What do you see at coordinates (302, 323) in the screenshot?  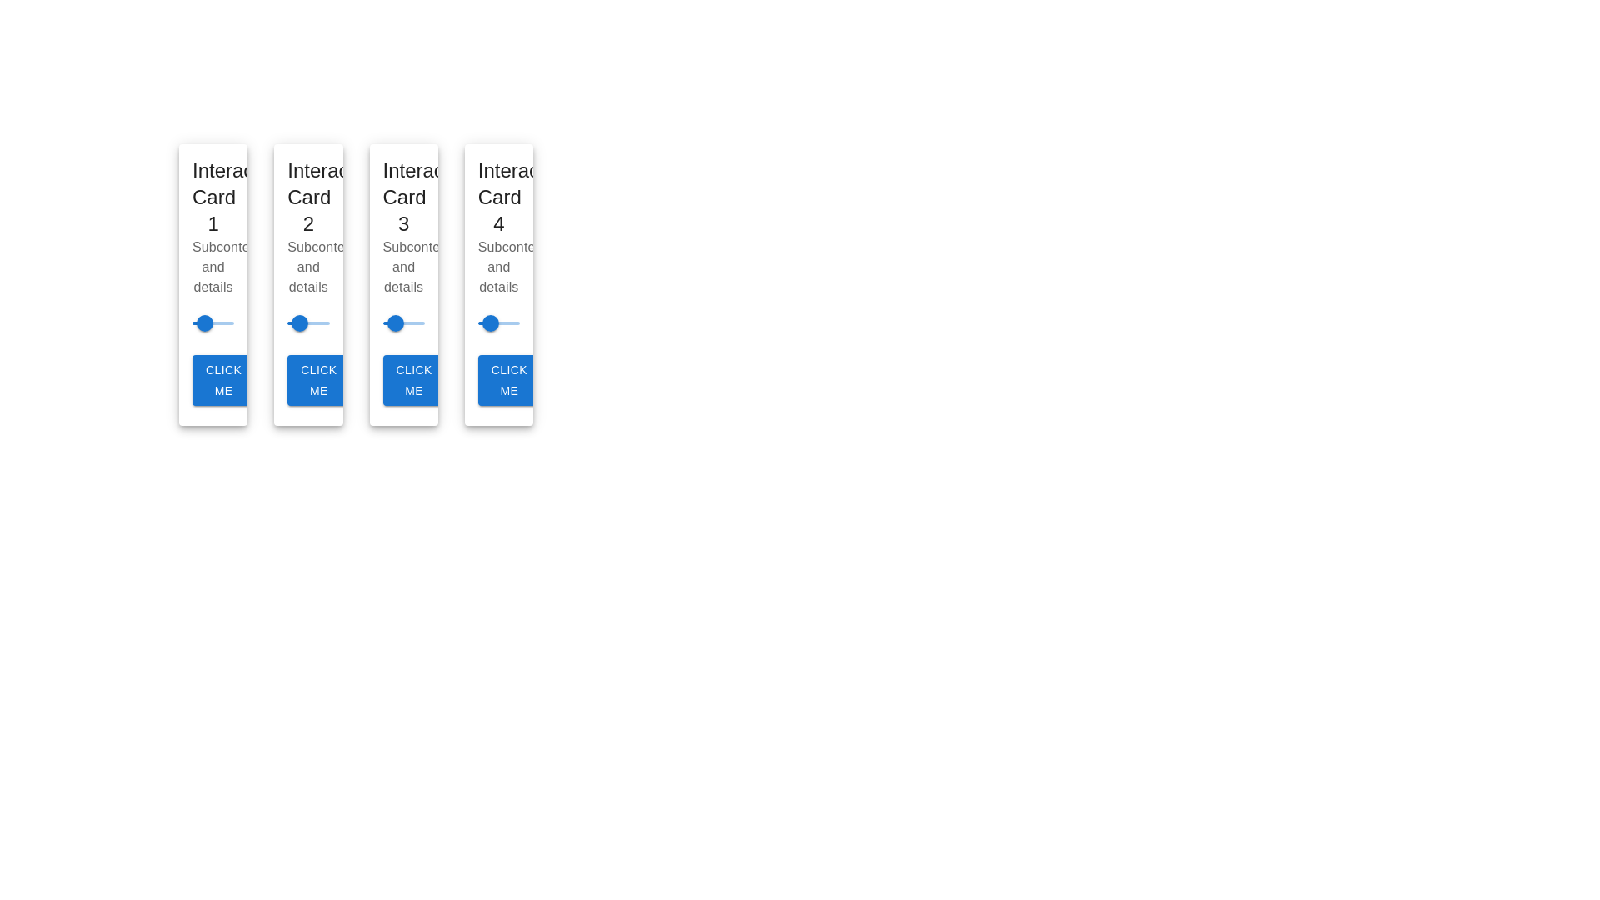 I see `the slider` at bounding box center [302, 323].